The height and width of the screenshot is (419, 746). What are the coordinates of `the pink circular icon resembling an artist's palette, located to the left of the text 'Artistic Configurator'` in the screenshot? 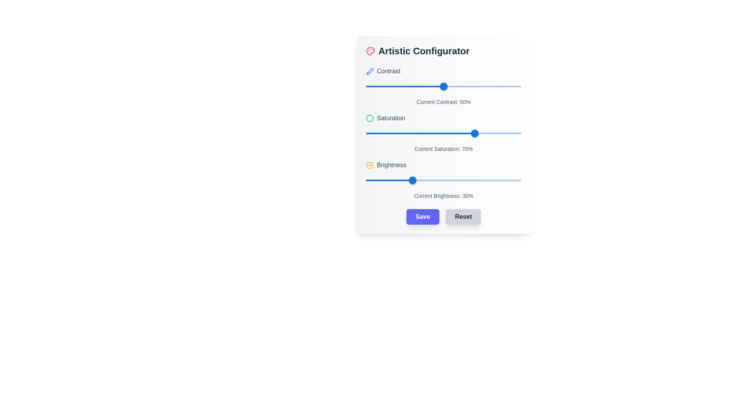 It's located at (370, 51).